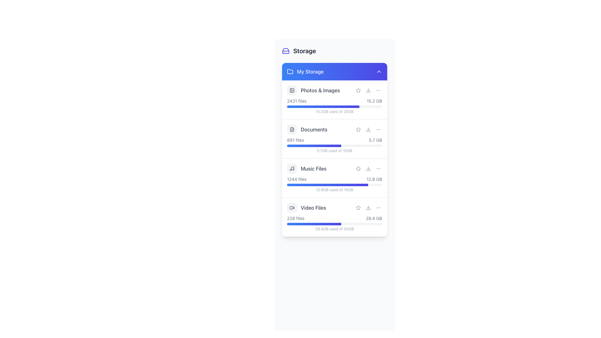  Describe the element at coordinates (313, 207) in the screenshot. I see `the 'Video Files' text label, which is part of the fourth item in the 'Storage' category list, positioned to the right of a video camera icon` at that location.